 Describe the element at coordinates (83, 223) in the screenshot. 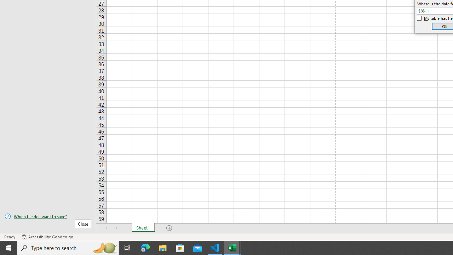

I see `'Close'` at that location.